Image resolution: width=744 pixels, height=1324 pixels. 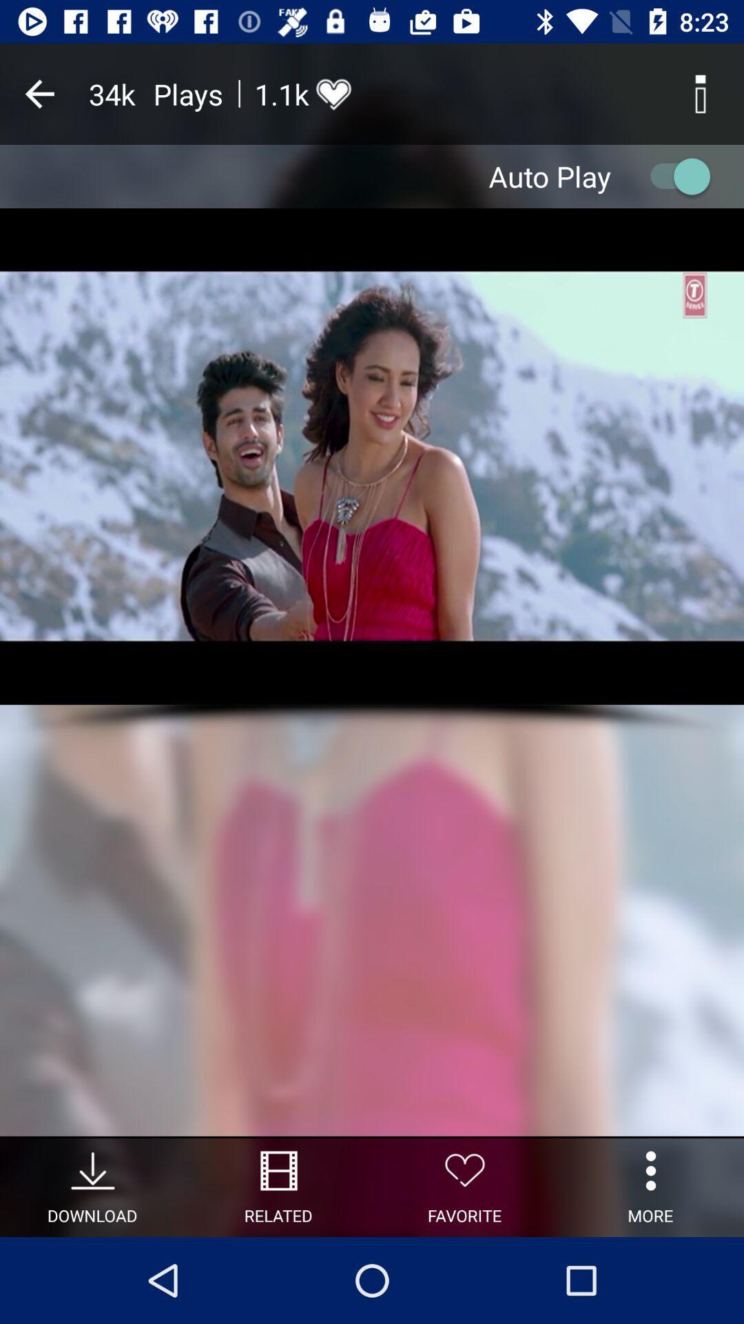 I want to click on previous button, so click(x=39, y=93).